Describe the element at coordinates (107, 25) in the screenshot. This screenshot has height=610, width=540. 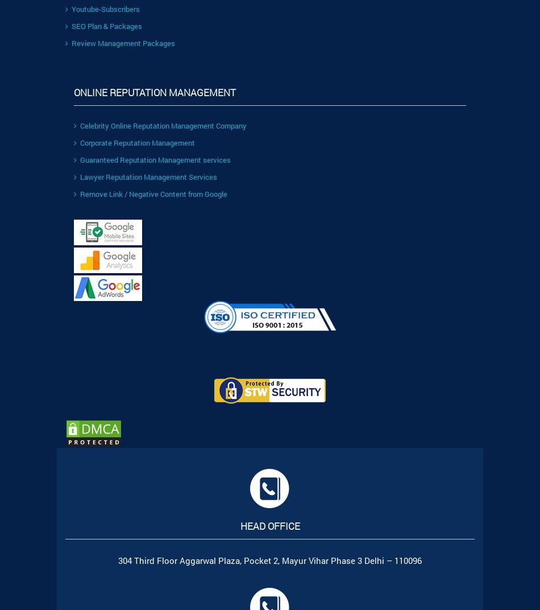
I see `'SEO Plan & Packages'` at that location.